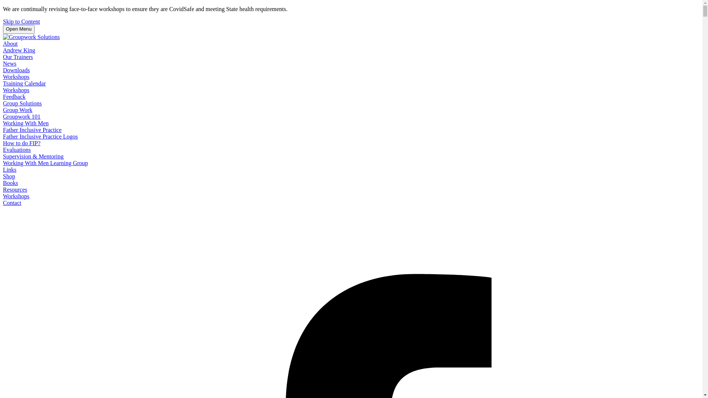  Describe the element at coordinates (3, 143) in the screenshot. I see `'How to do FIP?'` at that location.